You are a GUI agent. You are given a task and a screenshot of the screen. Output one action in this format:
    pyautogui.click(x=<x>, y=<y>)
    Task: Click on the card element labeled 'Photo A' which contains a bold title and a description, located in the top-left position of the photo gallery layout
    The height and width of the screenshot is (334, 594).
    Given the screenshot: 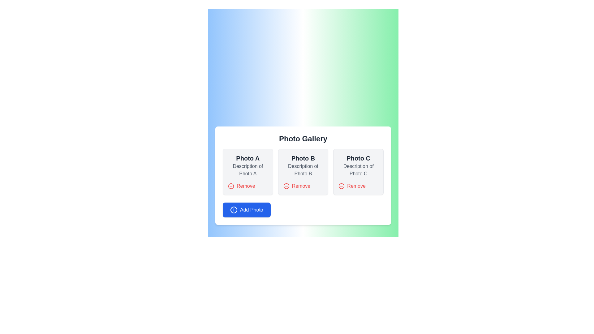 What is the action you would take?
    pyautogui.click(x=248, y=172)
    